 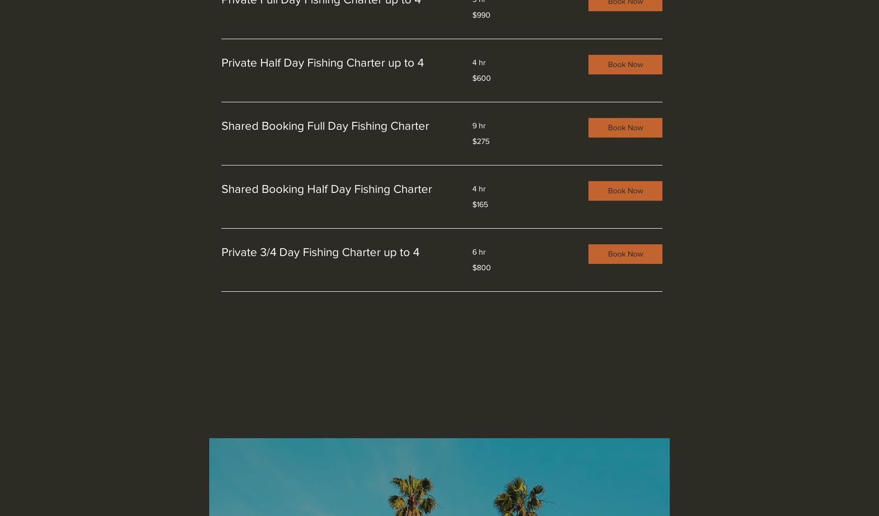 What do you see at coordinates (320, 251) in the screenshot?
I see `'Private 3/4 Day Fishing Charter up to 4'` at bounding box center [320, 251].